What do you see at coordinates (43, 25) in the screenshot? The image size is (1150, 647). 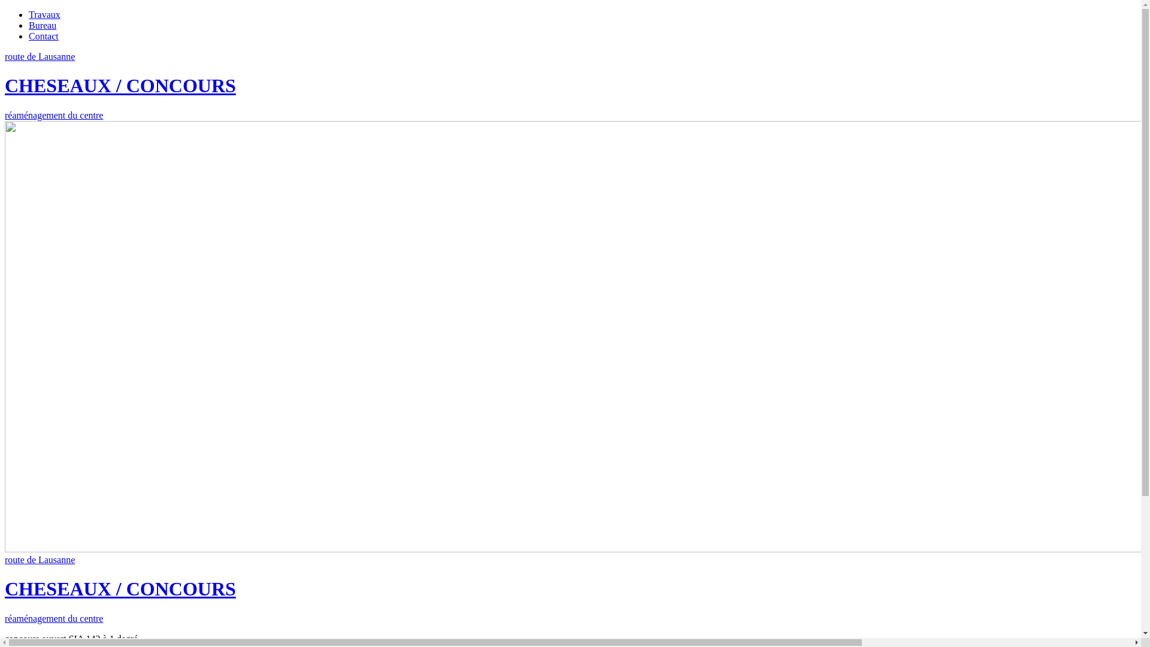 I see `'Bureau'` at bounding box center [43, 25].